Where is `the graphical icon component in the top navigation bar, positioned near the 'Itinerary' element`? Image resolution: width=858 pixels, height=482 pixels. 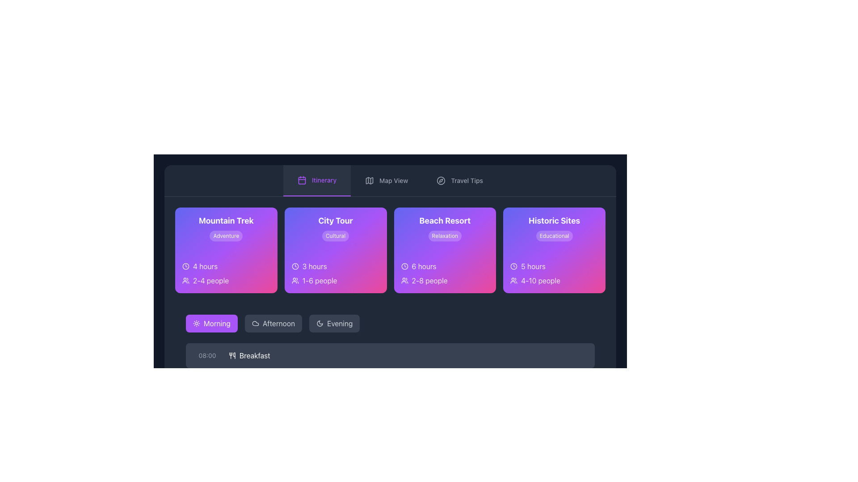
the graphical icon component in the top navigation bar, positioned near the 'Itinerary' element is located at coordinates (302, 180).